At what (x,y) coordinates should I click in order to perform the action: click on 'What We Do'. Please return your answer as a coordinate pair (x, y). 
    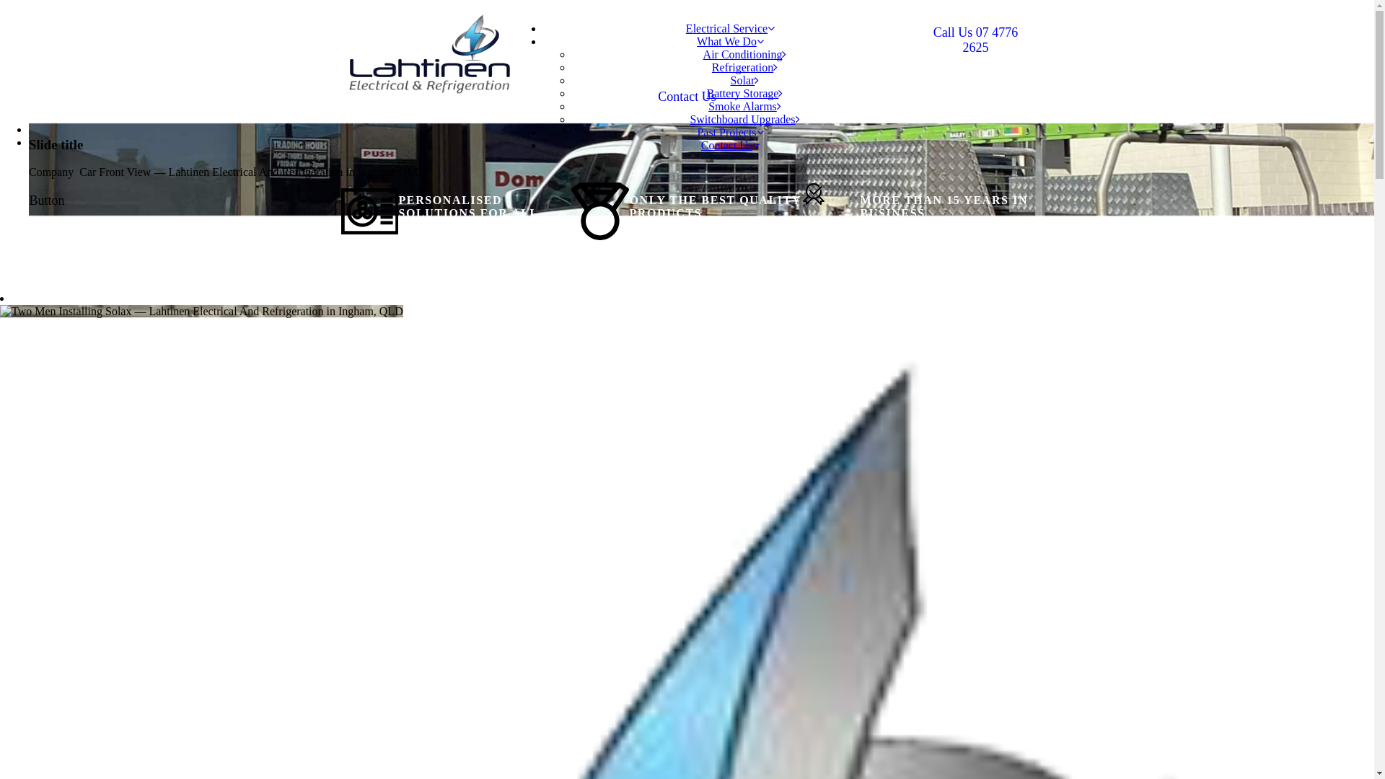
    Looking at the image, I should click on (730, 40).